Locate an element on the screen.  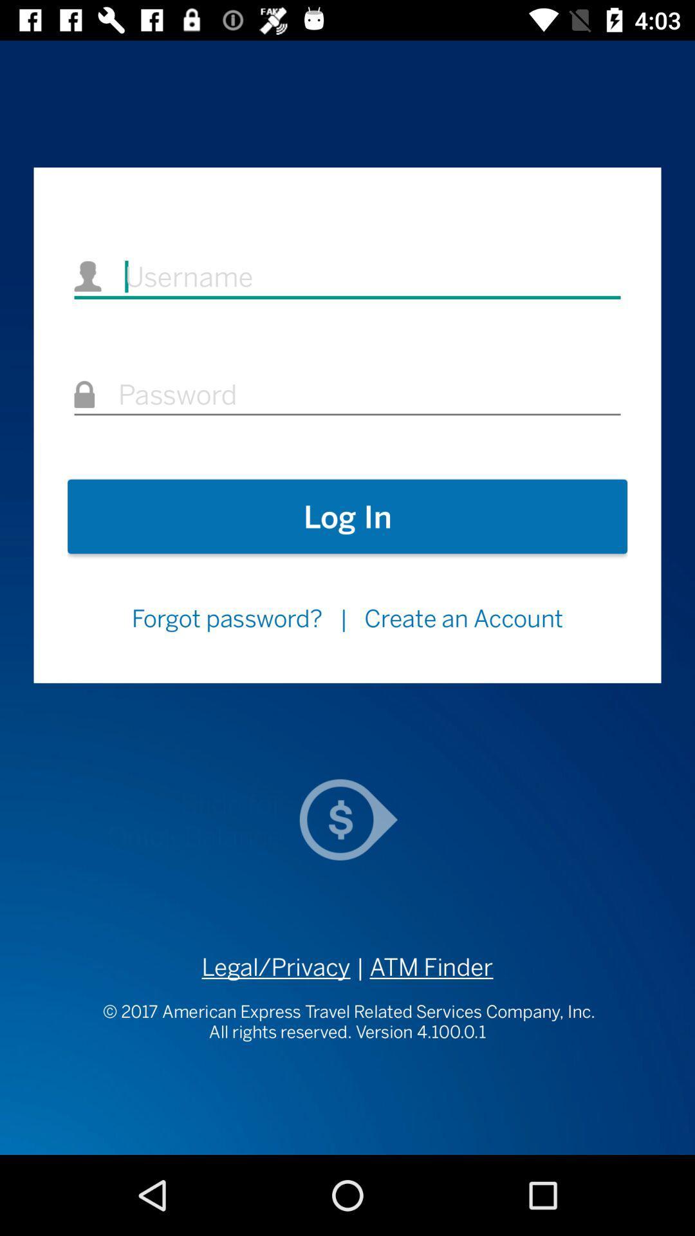
icon below the log in is located at coordinates (226, 618).